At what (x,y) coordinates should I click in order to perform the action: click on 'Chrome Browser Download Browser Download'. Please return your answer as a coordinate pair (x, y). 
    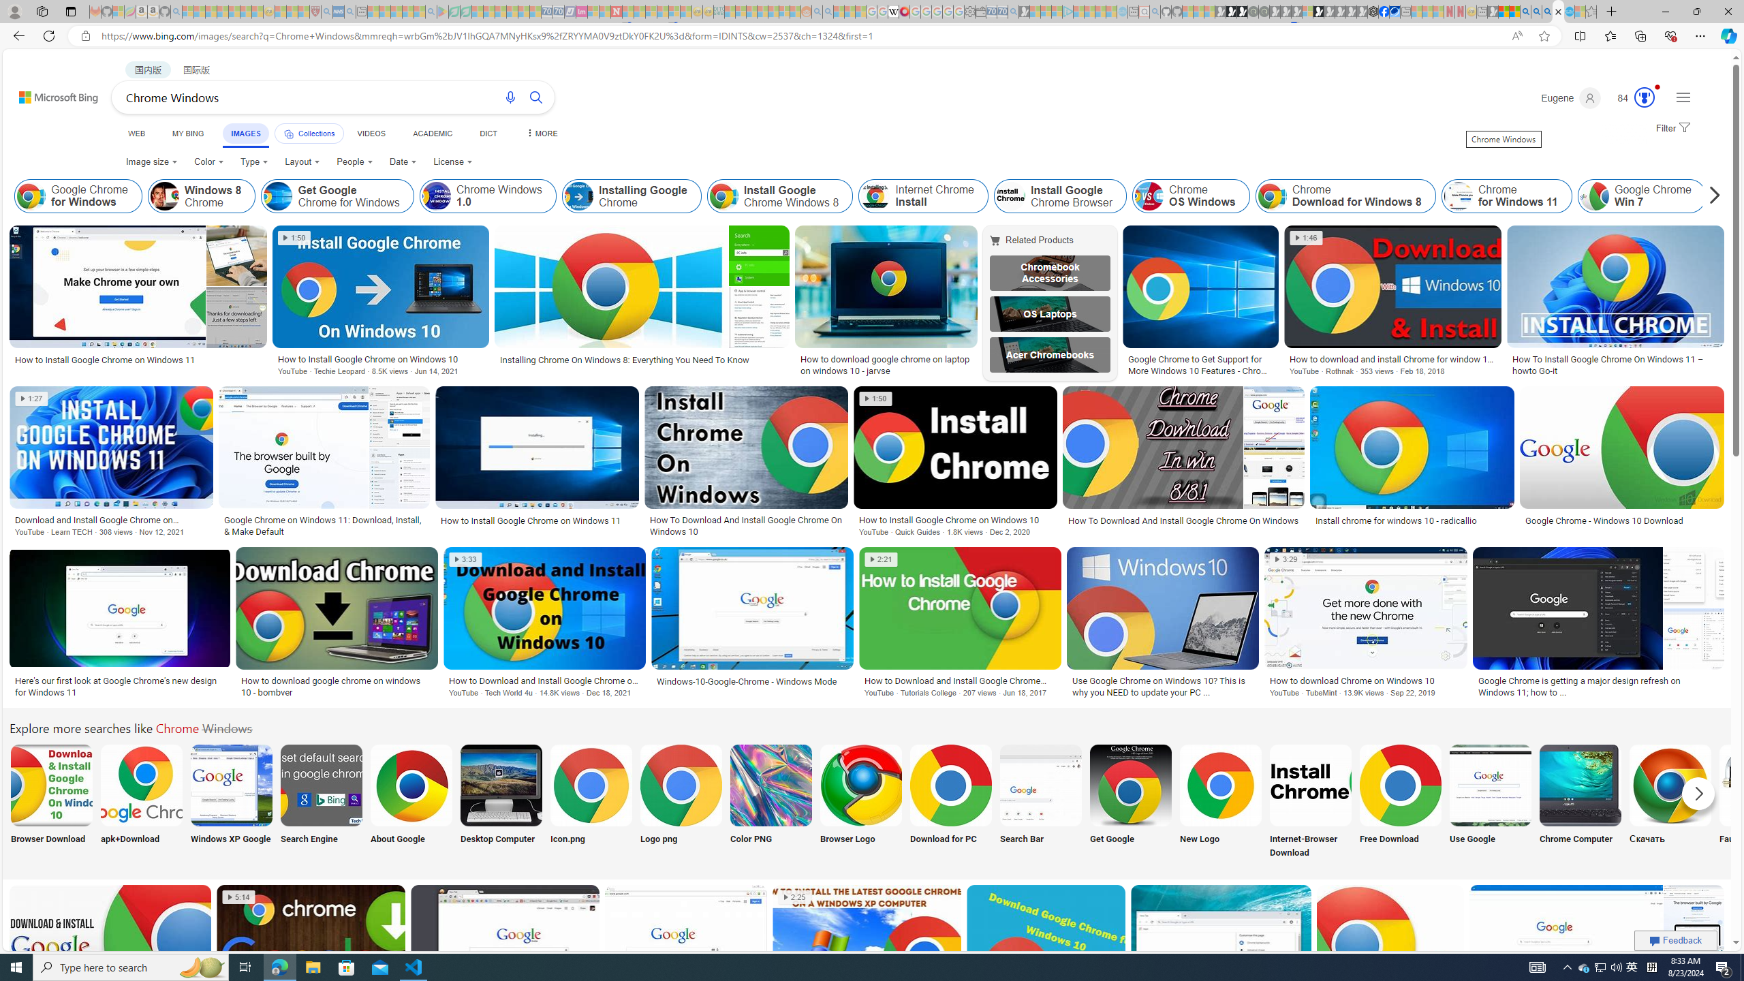
    Looking at the image, I should click on (50, 801).